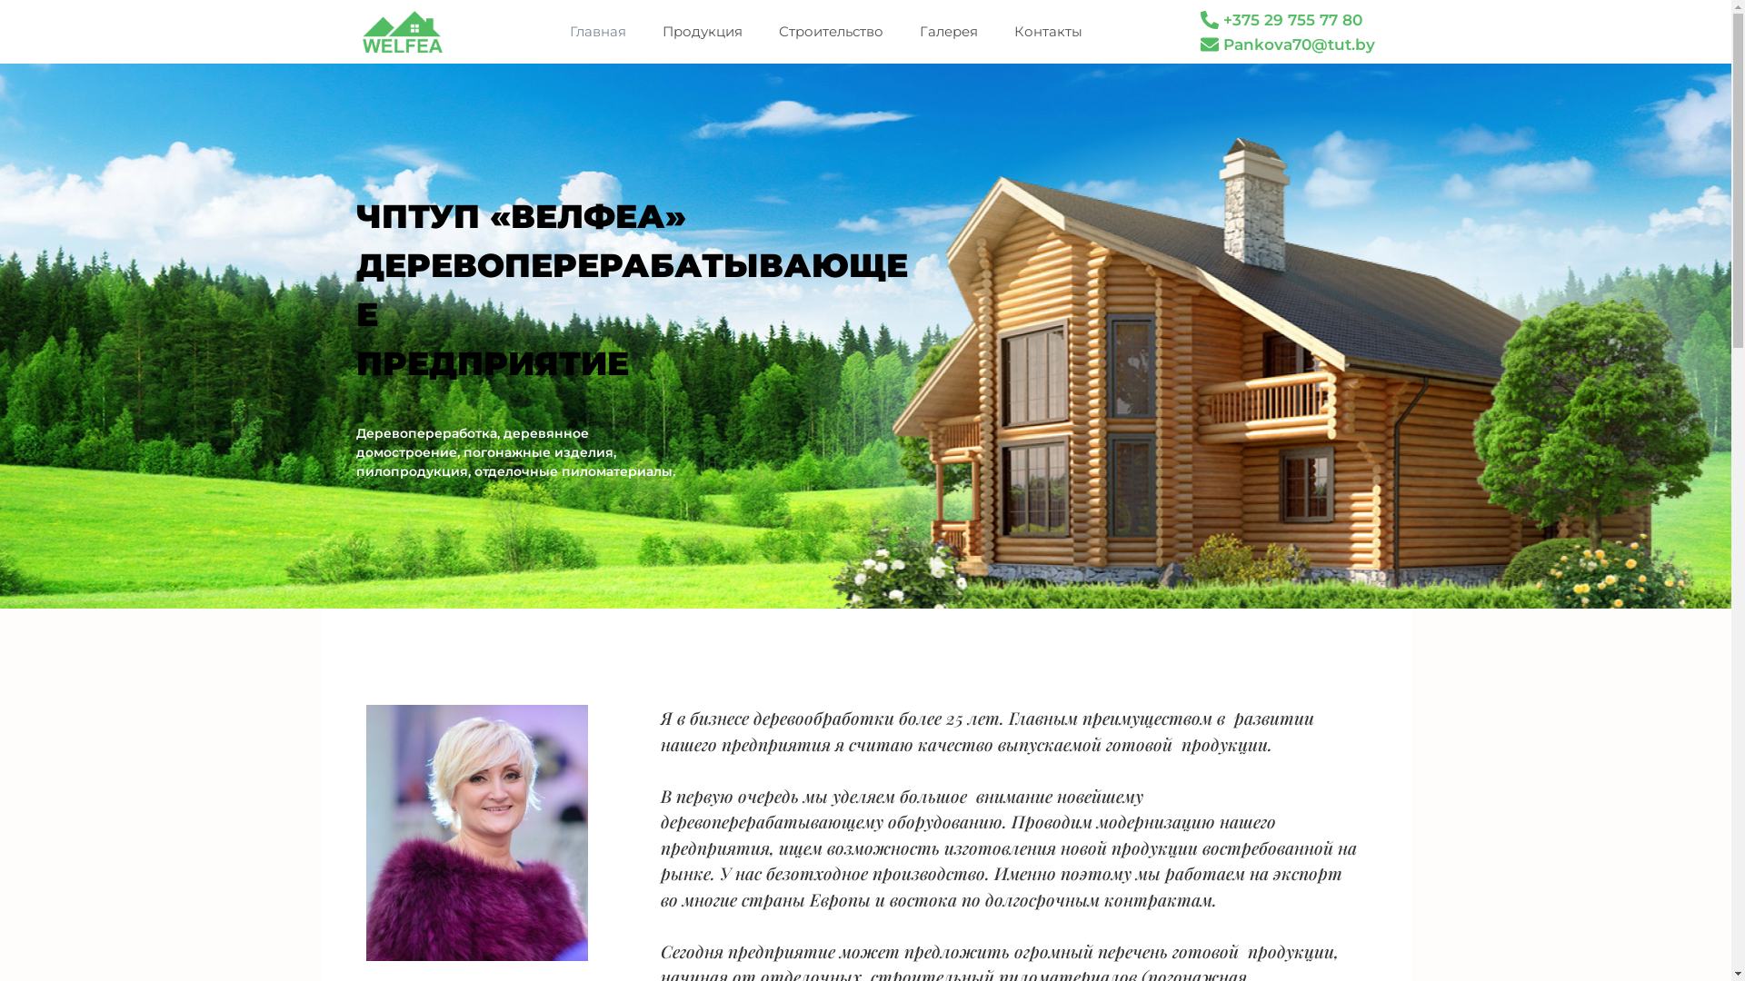 This screenshot has width=1745, height=981. Describe the element at coordinates (1282, 20) in the screenshot. I see `'+375 29 755 77 80'` at that location.